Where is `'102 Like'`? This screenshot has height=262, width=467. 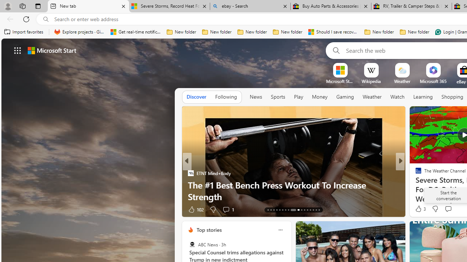 '102 Like' is located at coordinates (195, 209).